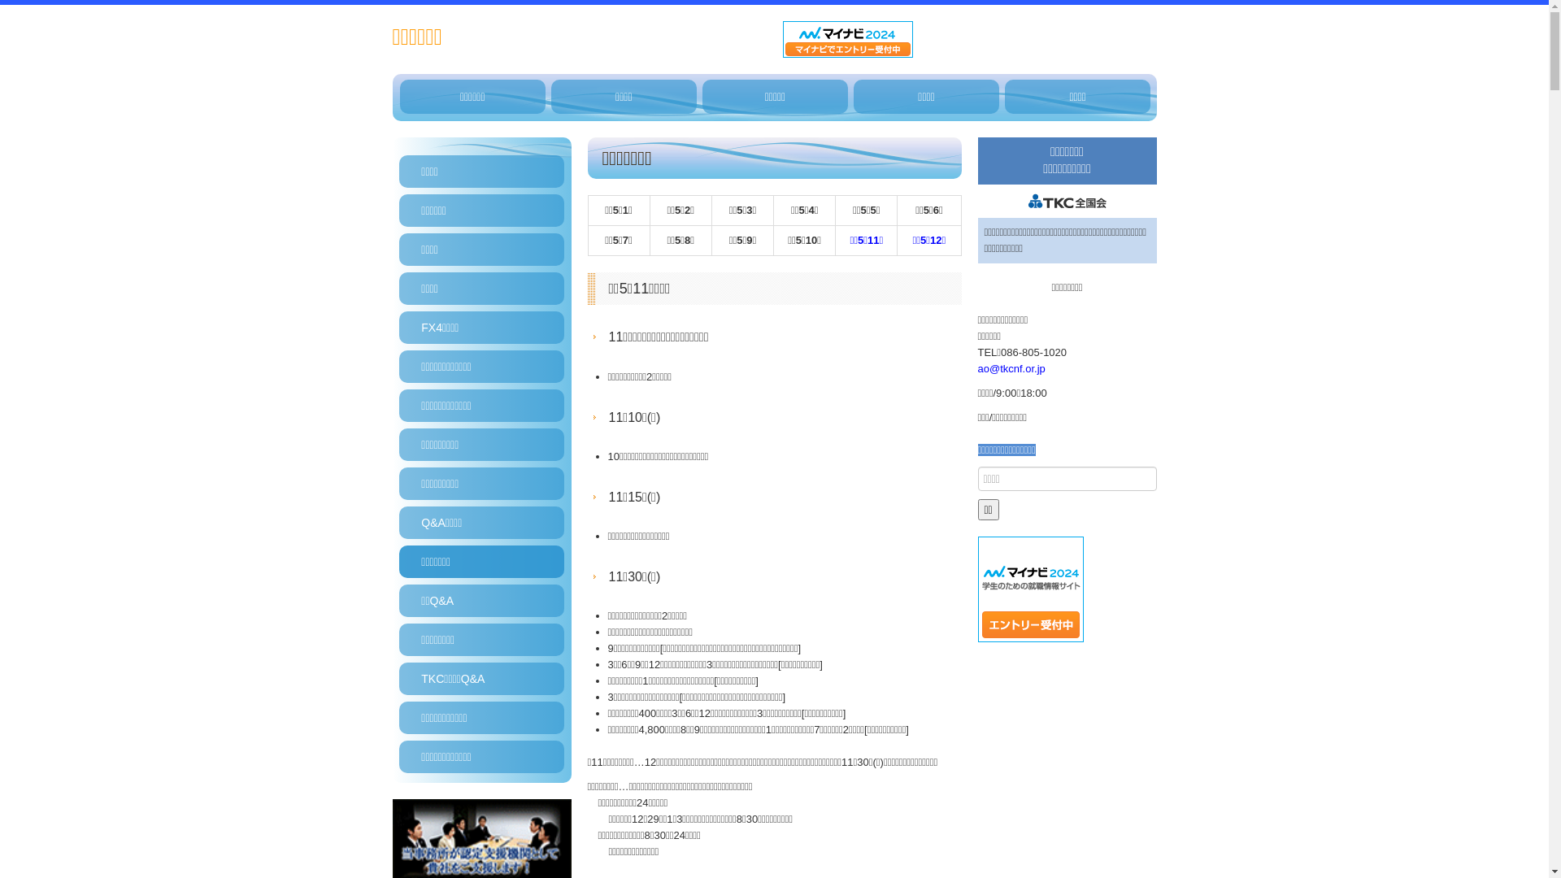 The image size is (1561, 878). I want to click on 'ao@tkcnf.or.jp', so click(1010, 368).